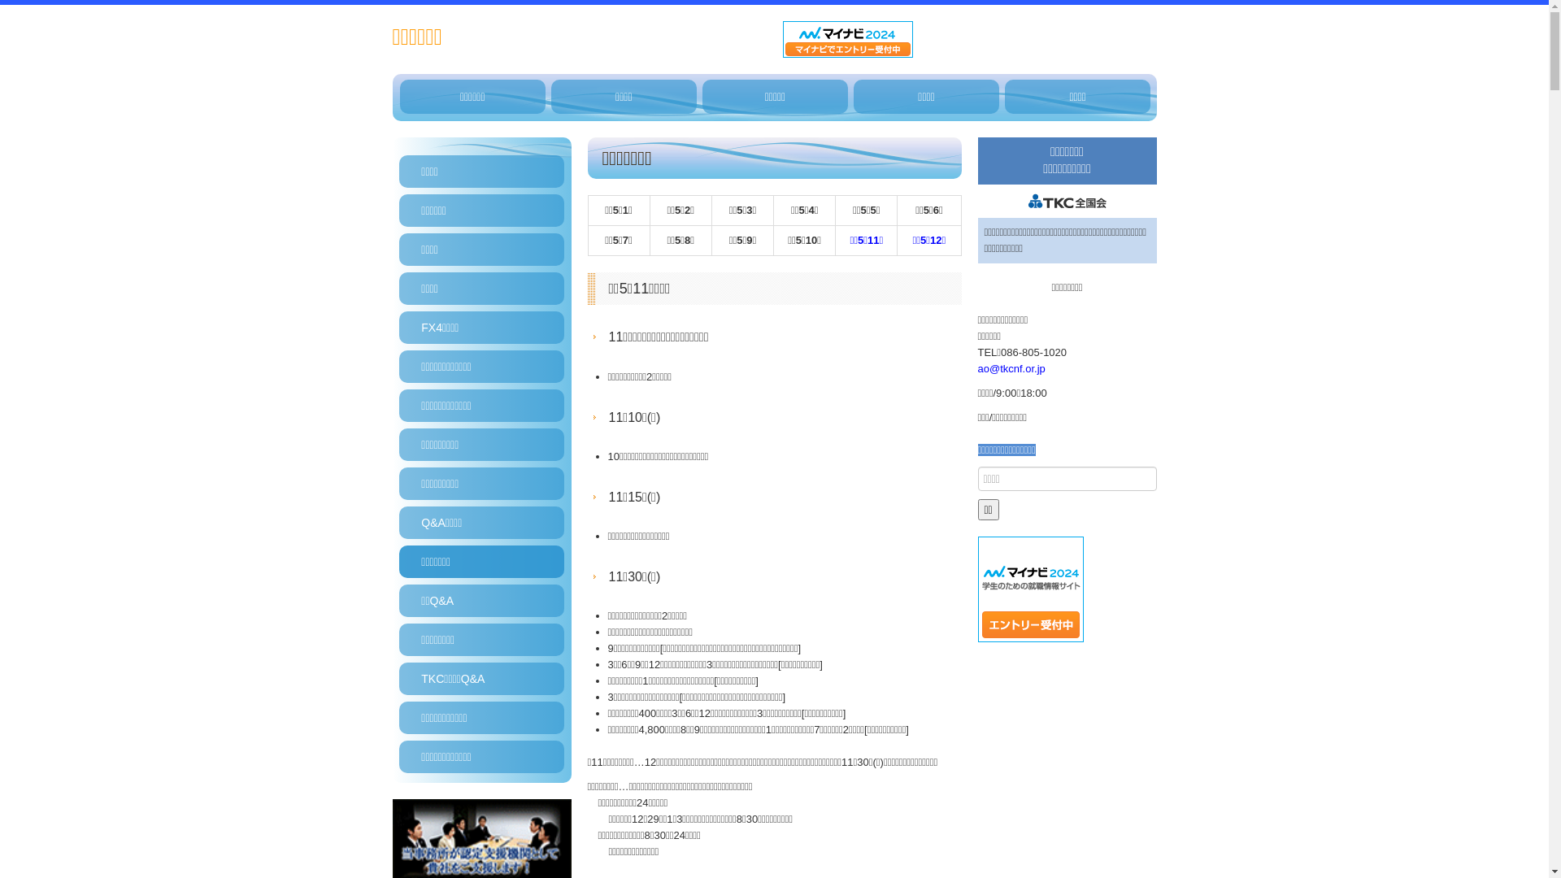 The image size is (1561, 878). I want to click on 'ao@tkcnf.or.jp', so click(1010, 368).